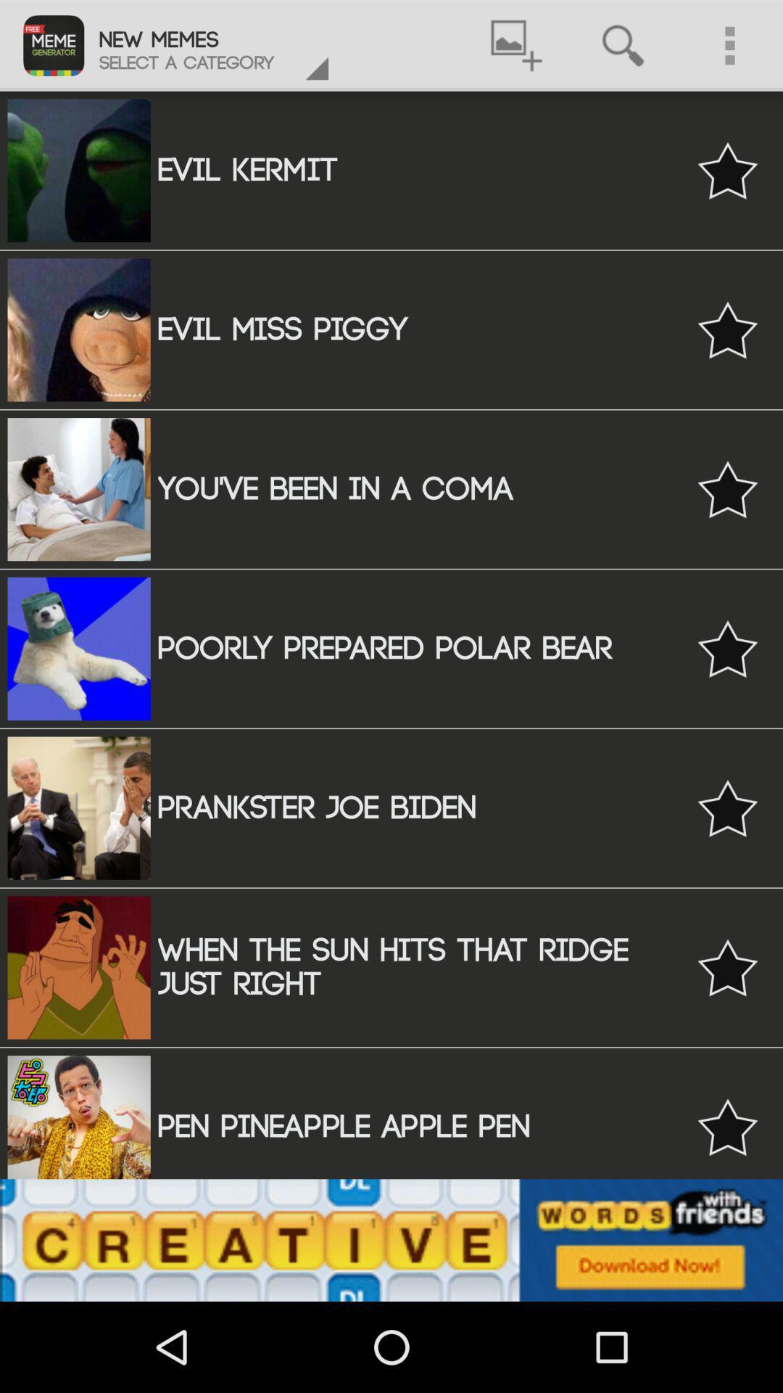  What do you see at coordinates (727, 1126) in the screenshot?
I see `button to favorite the category` at bounding box center [727, 1126].